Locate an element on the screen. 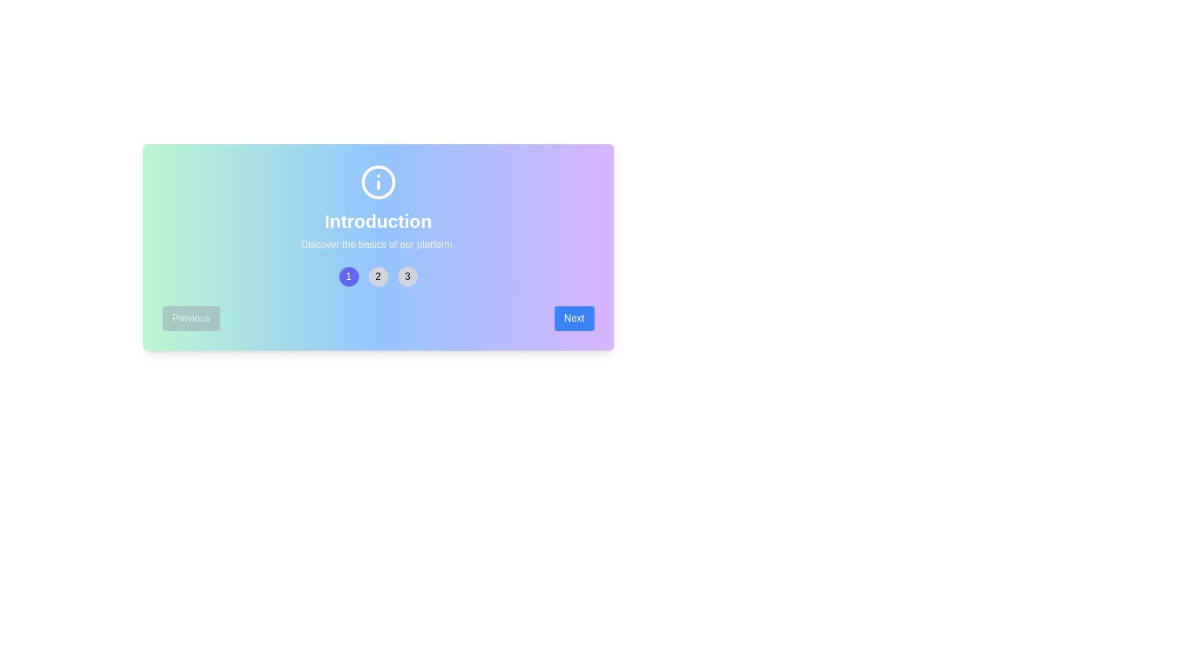 The image size is (1178, 663). the 'Next' button to navigate to the next step in the onboarding process is located at coordinates (574, 318).